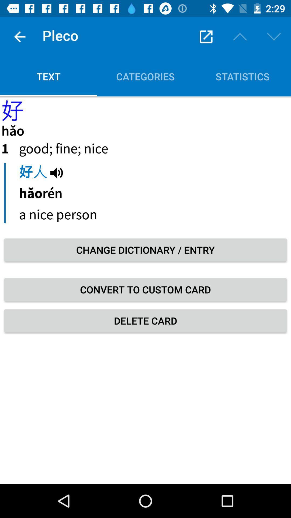  What do you see at coordinates (145, 76) in the screenshot?
I see `the icon next to the text` at bounding box center [145, 76].